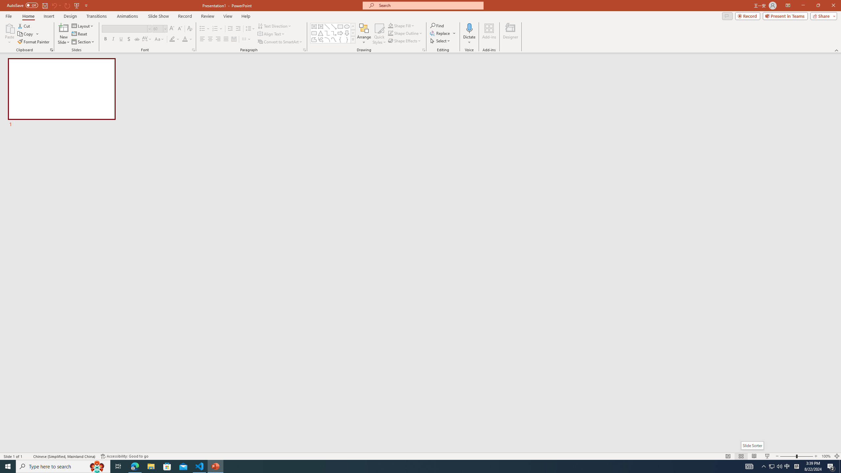 This screenshot has width=841, height=473. What do you see at coordinates (320, 33) in the screenshot?
I see `'Isosceles Triangle'` at bounding box center [320, 33].